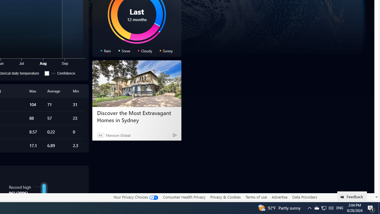 This screenshot has width=380, height=214. Describe the element at coordinates (225, 197) in the screenshot. I see `'Privacy & Cookies'` at that location.